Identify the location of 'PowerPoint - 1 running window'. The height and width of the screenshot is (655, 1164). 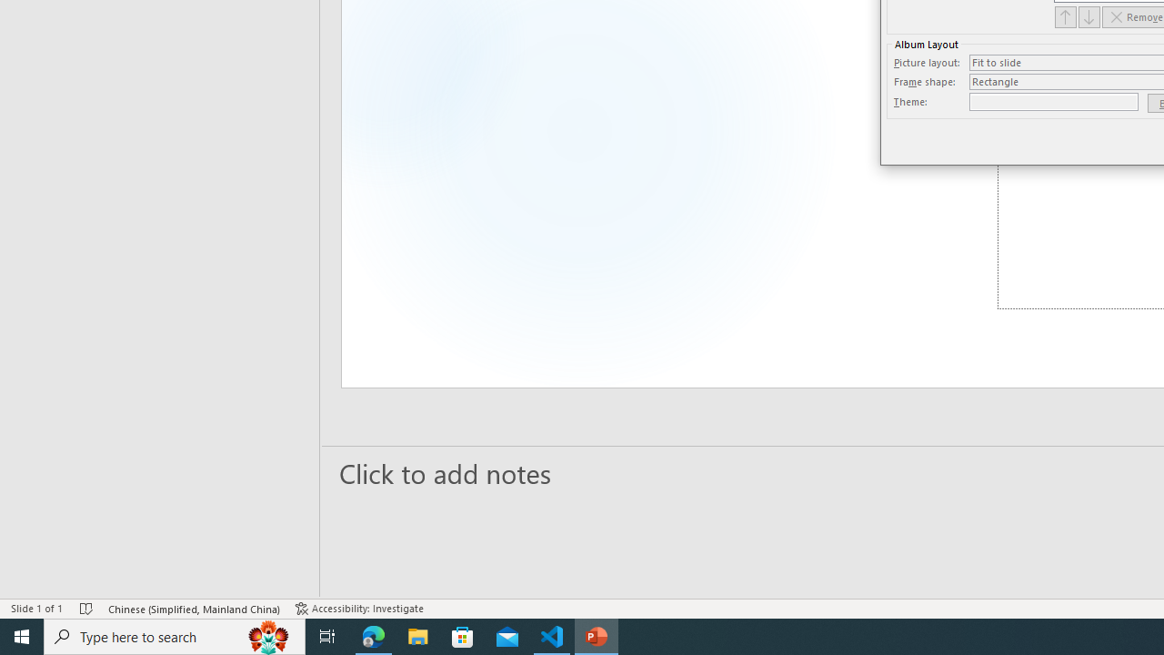
(597, 635).